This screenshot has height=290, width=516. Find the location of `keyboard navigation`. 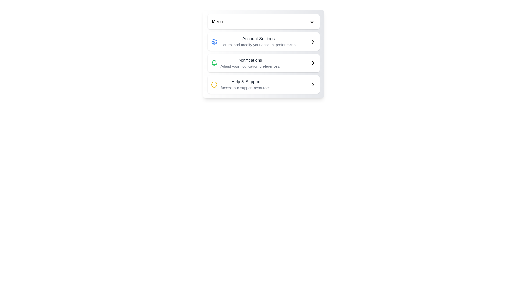

keyboard navigation is located at coordinates (214, 63).